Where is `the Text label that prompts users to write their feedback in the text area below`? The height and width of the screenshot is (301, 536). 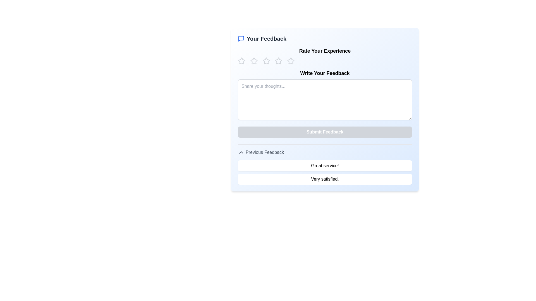
the Text label that prompts users to write their feedback in the text area below is located at coordinates (325, 73).